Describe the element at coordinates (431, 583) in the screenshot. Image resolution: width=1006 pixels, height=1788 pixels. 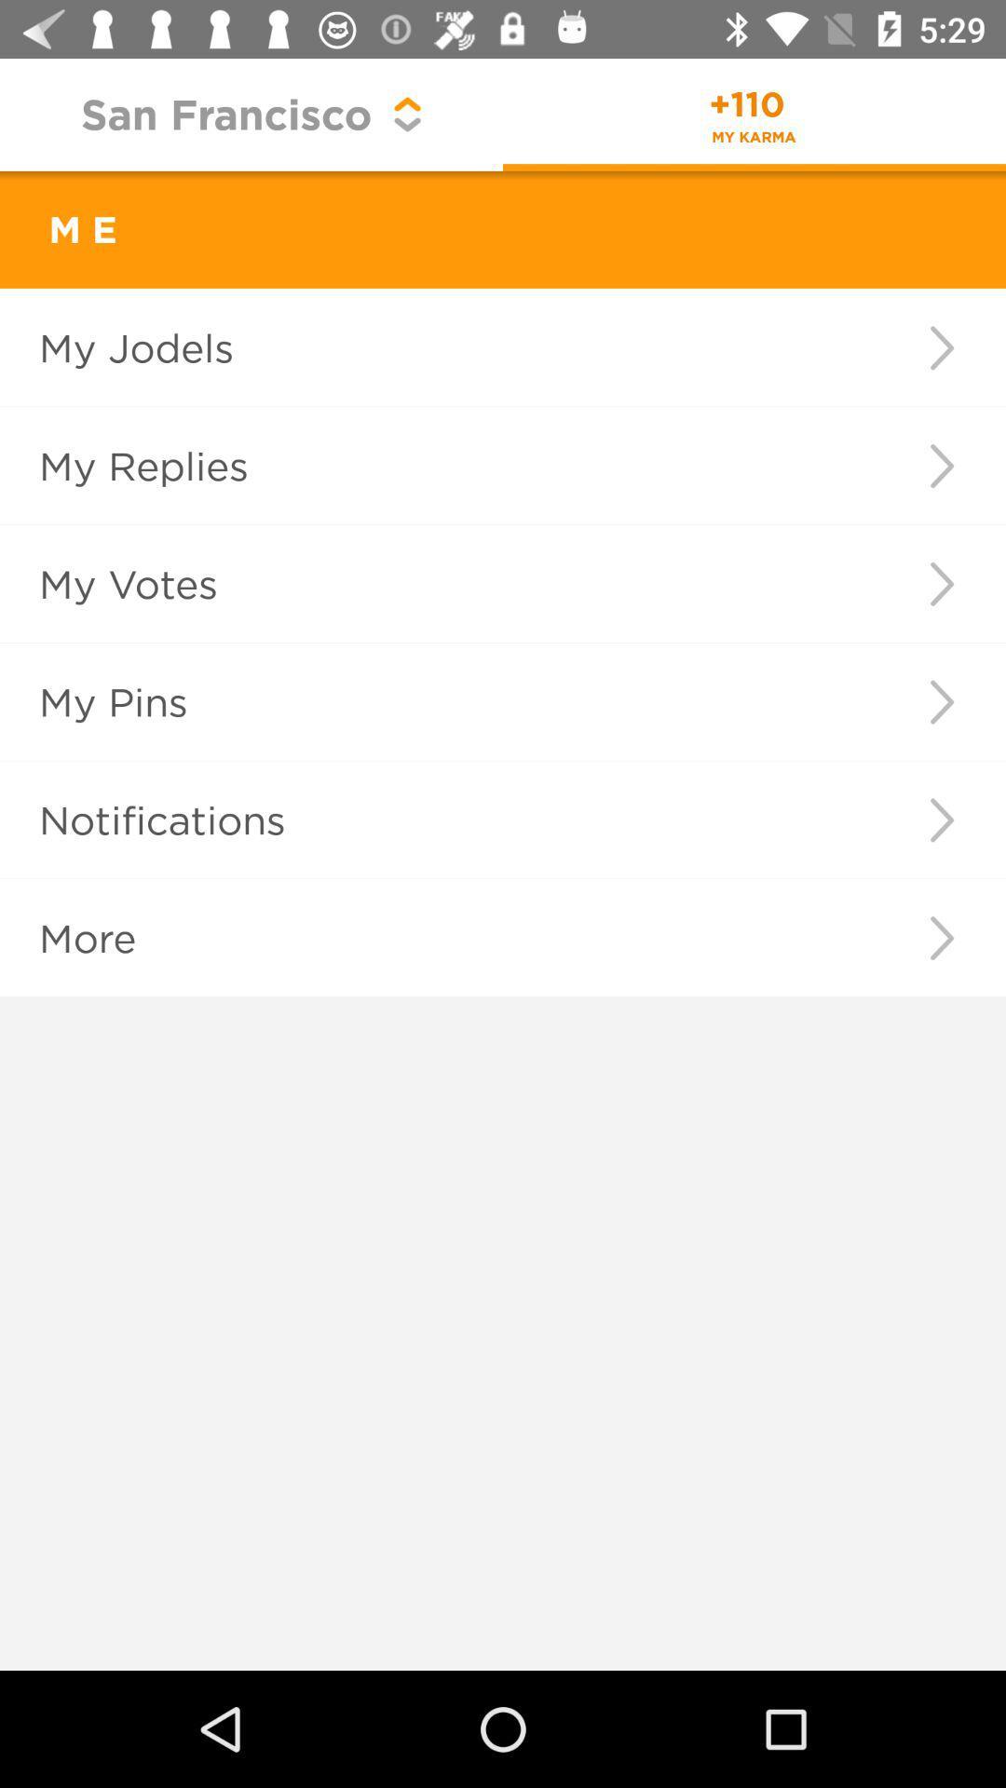
I see `the icon below my replies` at that location.